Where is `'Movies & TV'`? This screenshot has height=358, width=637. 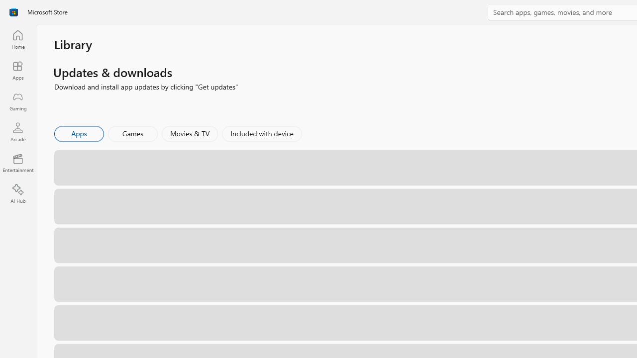 'Movies & TV' is located at coordinates (190, 133).